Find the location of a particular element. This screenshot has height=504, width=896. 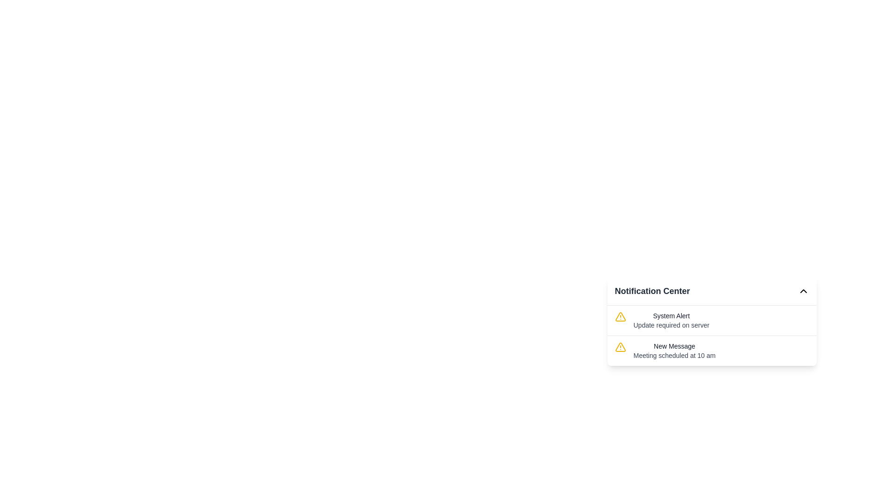

the 'New Message' text block element in the notification panel, which displays the alert for 'Meeting scheduled at 10 am' is located at coordinates (674, 351).